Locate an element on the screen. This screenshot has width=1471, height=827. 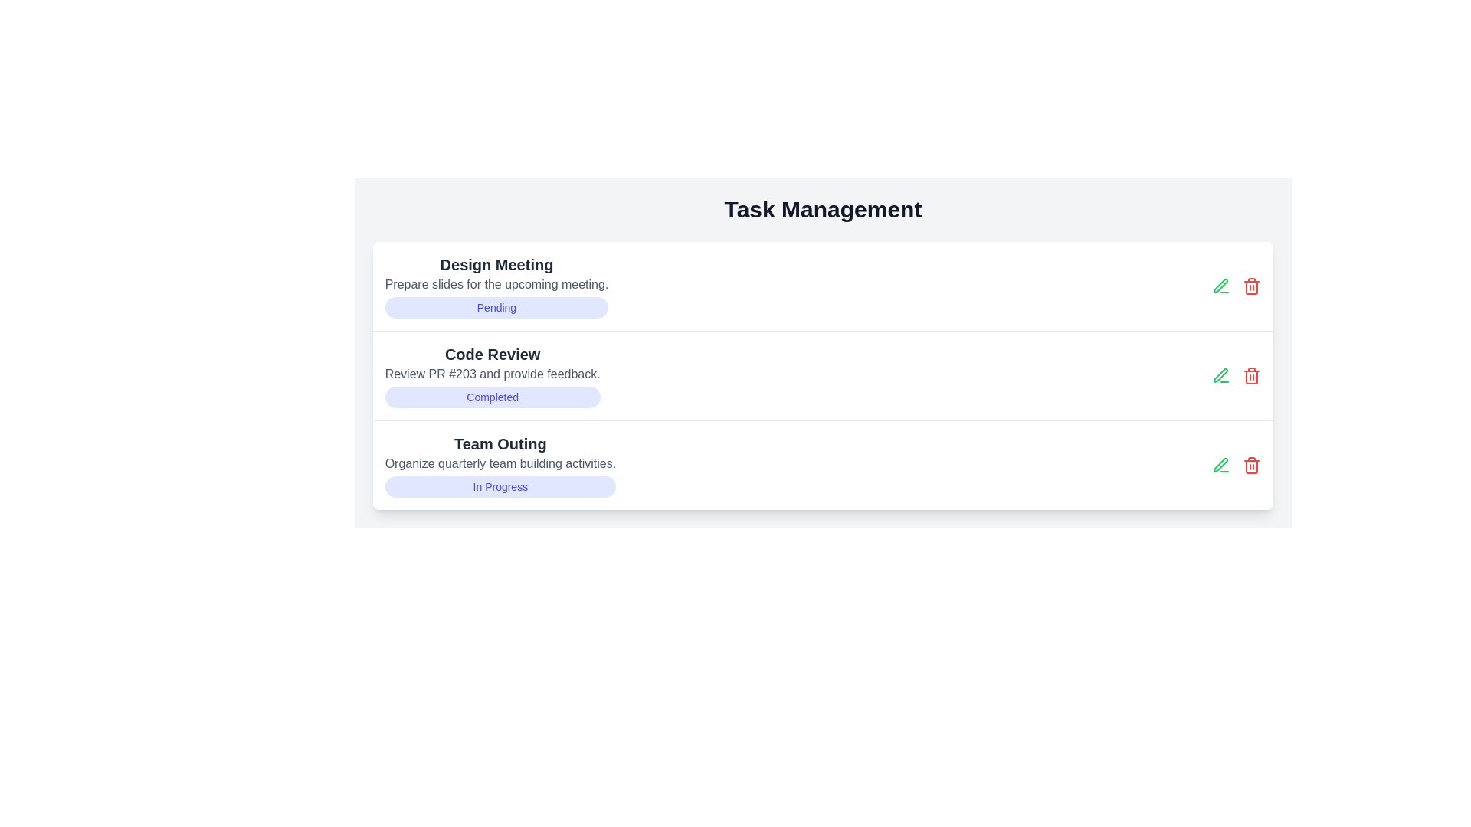
the Status badge that contains the text 'In Progress', which is styled with a medium font and light indigo background, located below the texts 'Team Outing' and 'Organize quarterly team building activities' is located at coordinates (500, 487).